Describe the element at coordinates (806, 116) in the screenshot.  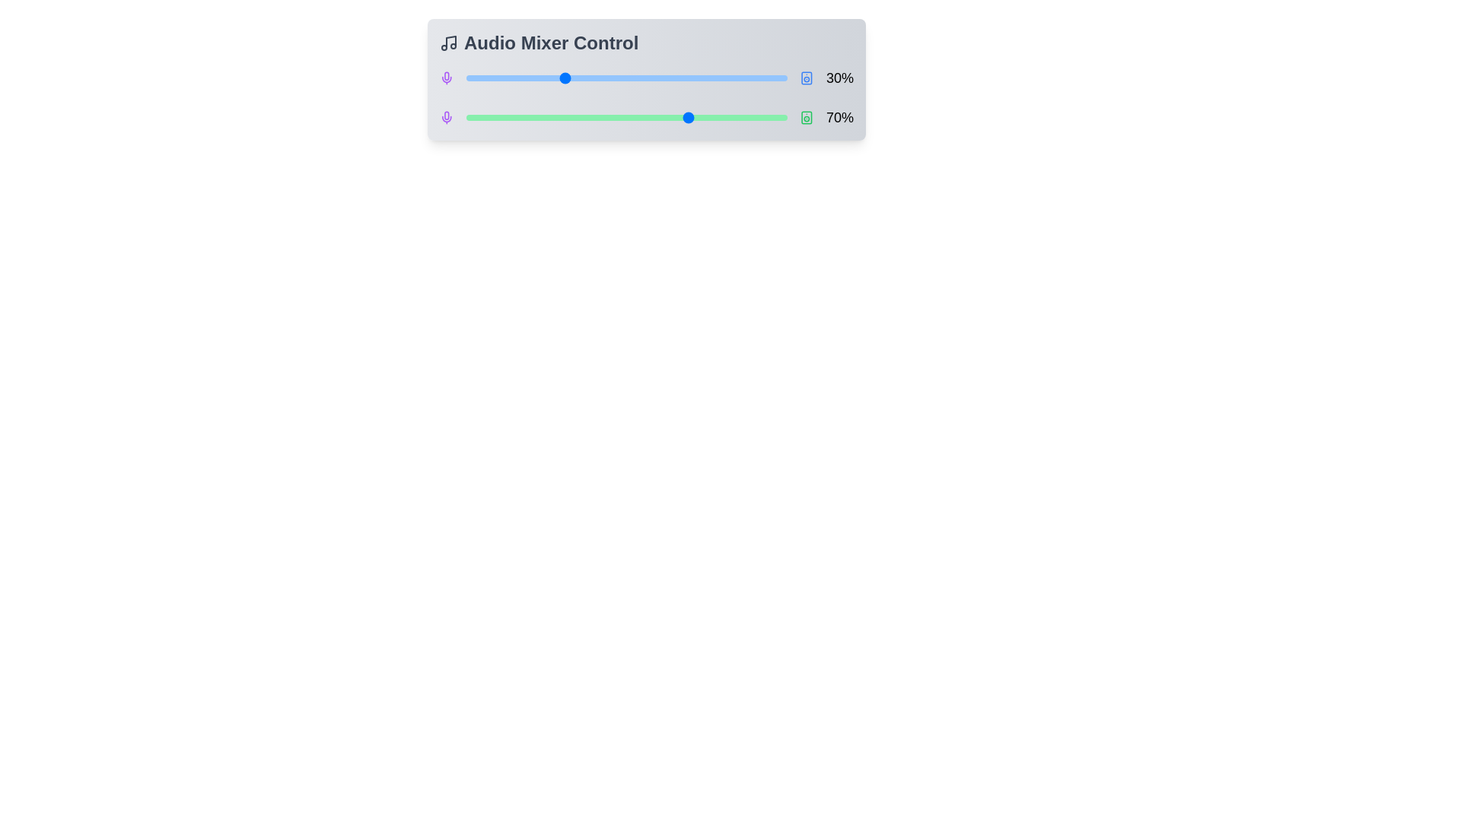
I see `the rectangular visual indicator element associated with the 'Audio Mixer Control' to engage with it` at that location.